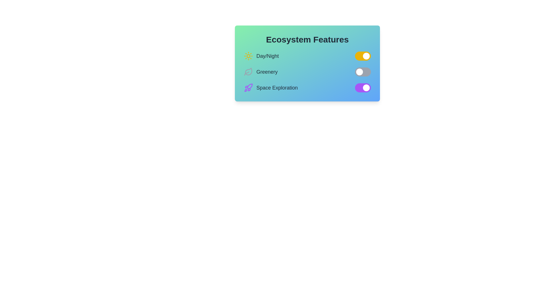 This screenshot has width=544, height=306. What do you see at coordinates (248, 71) in the screenshot?
I see `the leaf-shaped icon representing the 'Greenery' feature in the 'Ecosystem Features' panel via keyboard navigation` at bounding box center [248, 71].